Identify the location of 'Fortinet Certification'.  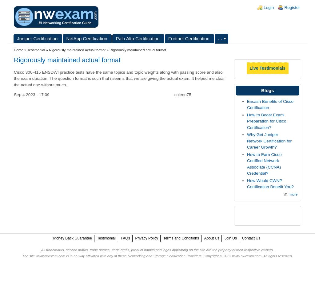
(189, 38).